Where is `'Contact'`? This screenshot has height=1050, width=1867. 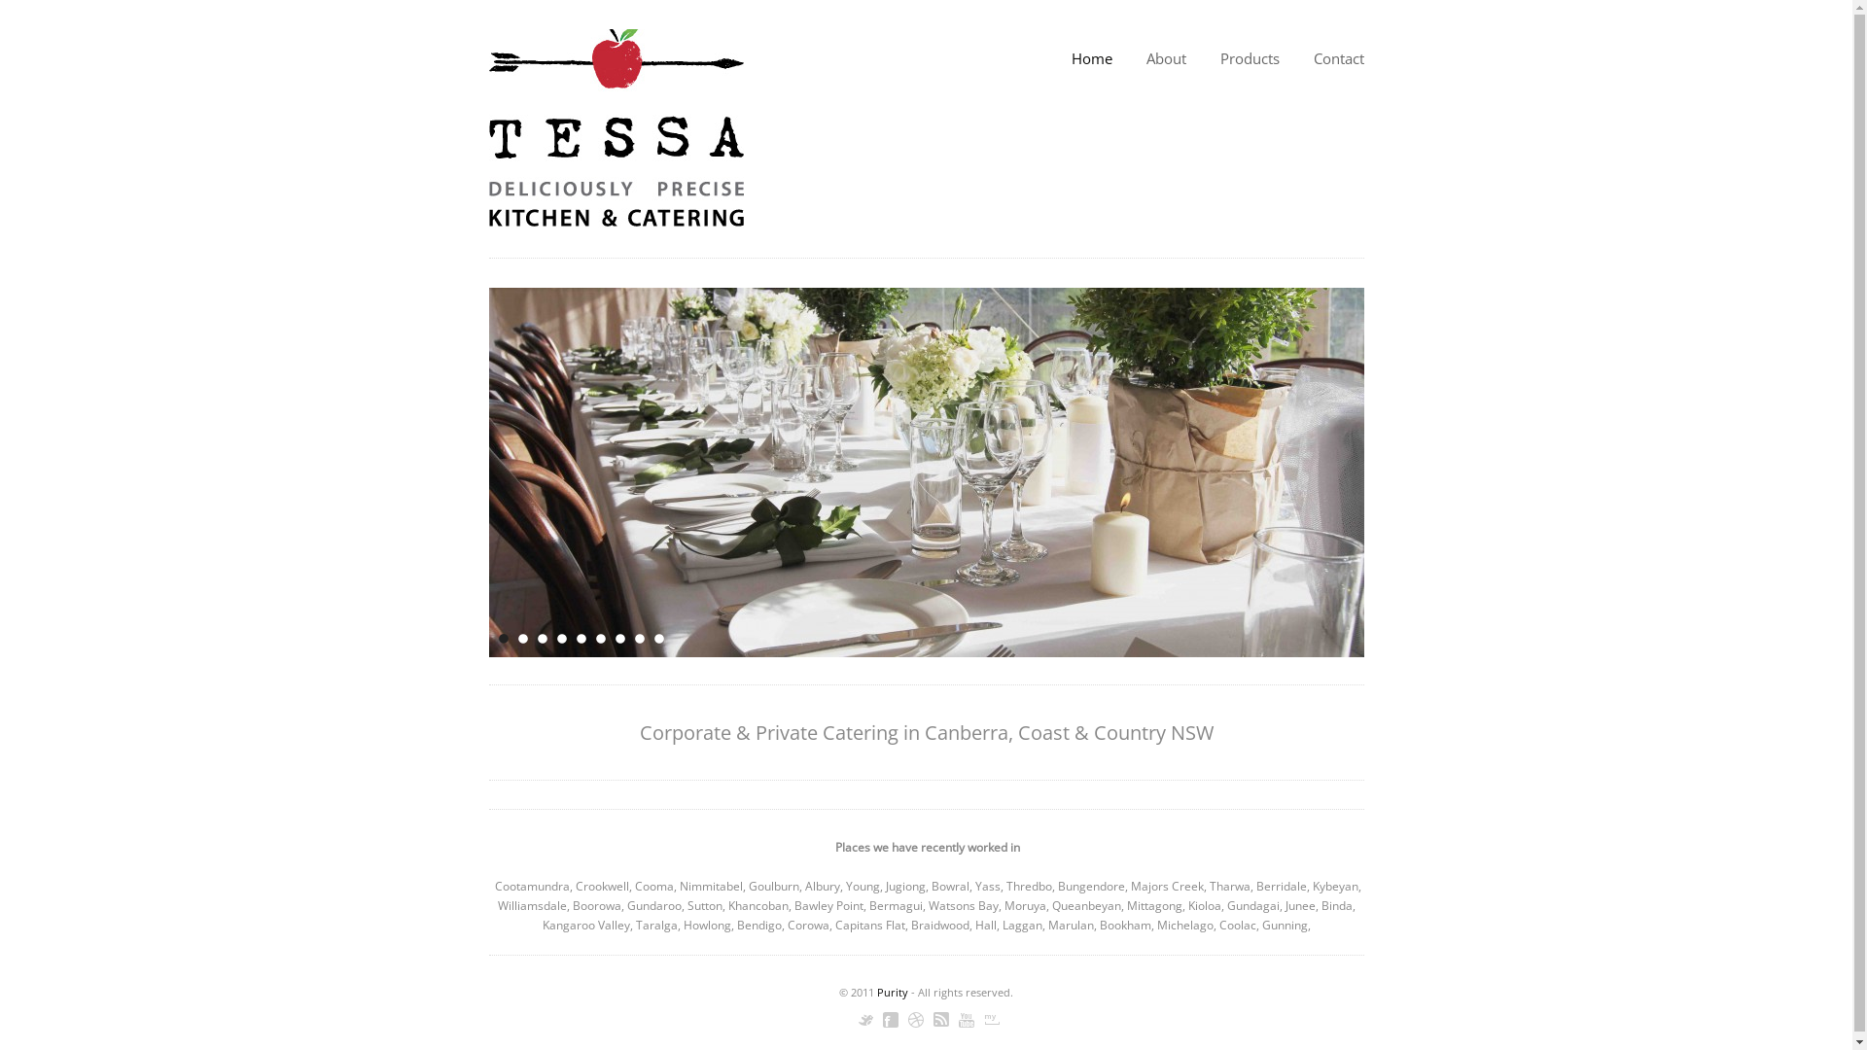
'Contact' is located at coordinates (1337, 57).